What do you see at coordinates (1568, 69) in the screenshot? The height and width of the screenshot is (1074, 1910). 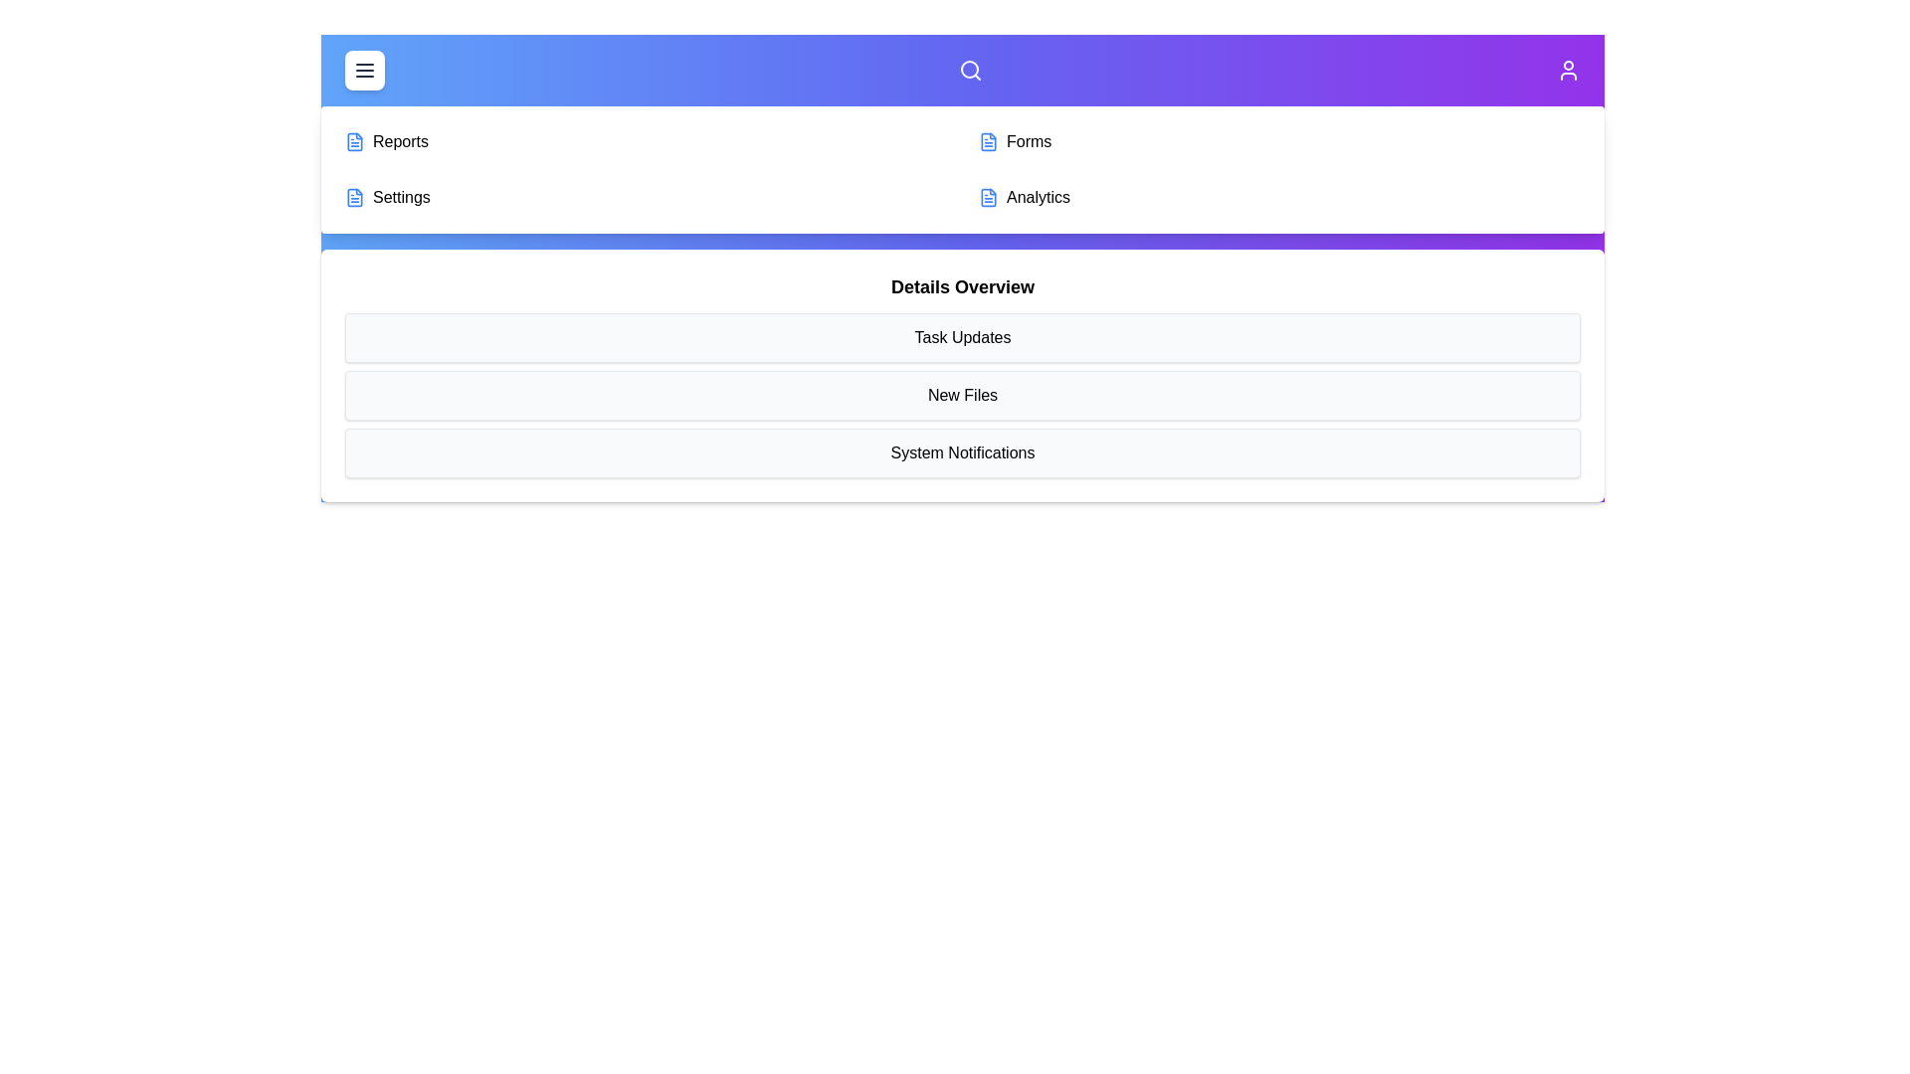 I see `the user icon to access user profile options` at bounding box center [1568, 69].